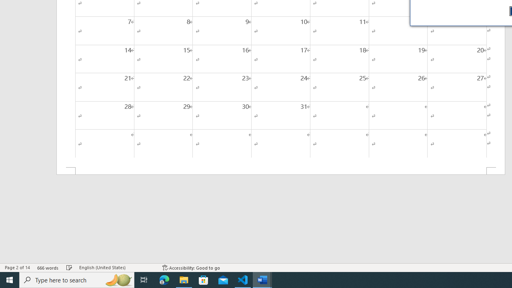 Image resolution: width=512 pixels, height=288 pixels. What do you see at coordinates (204, 279) in the screenshot?
I see `'Microsoft Store'` at bounding box center [204, 279].